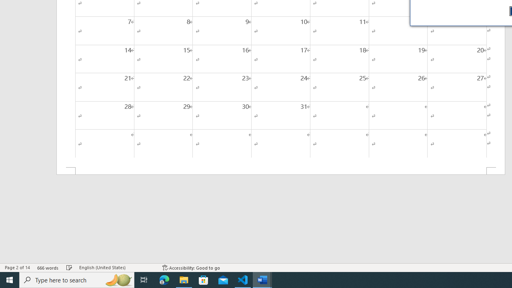 Image resolution: width=512 pixels, height=288 pixels. What do you see at coordinates (204, 279) in the screenshot?
I see `'Microsoft Store'` at bounding box center [204, 279].